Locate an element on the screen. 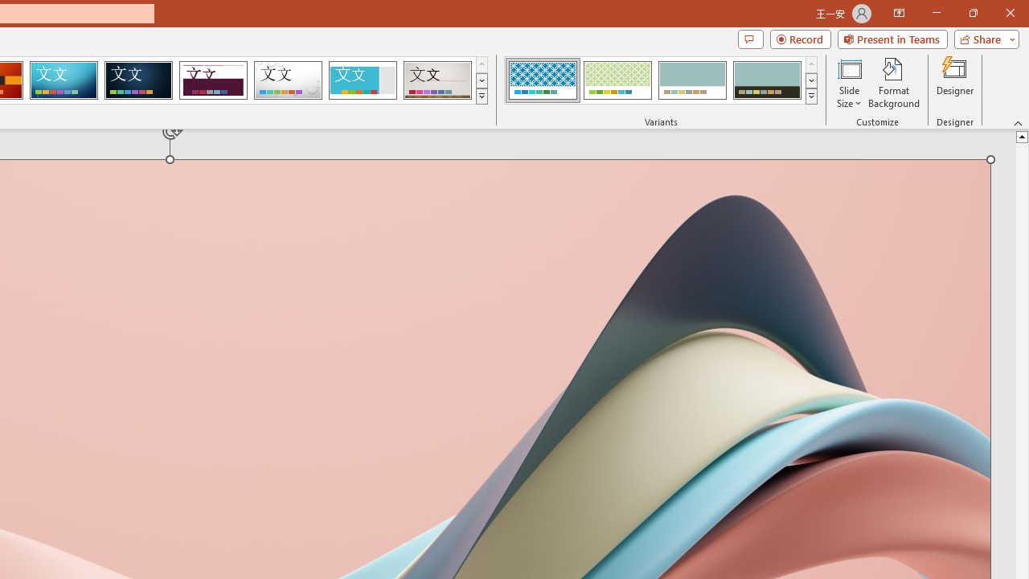 The height and width of the screenshot is (579, 1029). 'Droplet' is located at coordinates (288, 80).